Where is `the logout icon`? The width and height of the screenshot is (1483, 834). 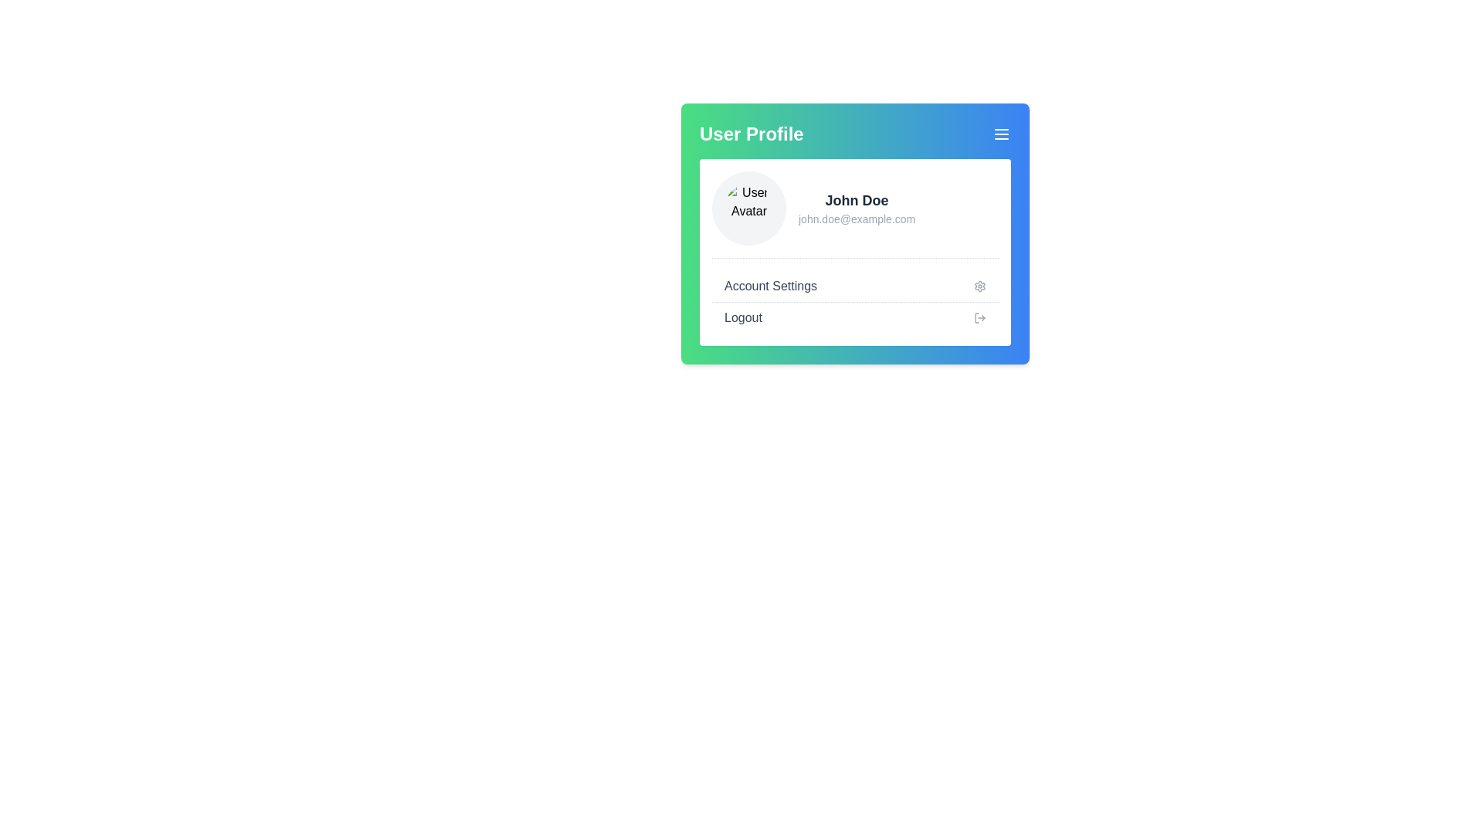
the logout icon is located at coordinates (979, 317).